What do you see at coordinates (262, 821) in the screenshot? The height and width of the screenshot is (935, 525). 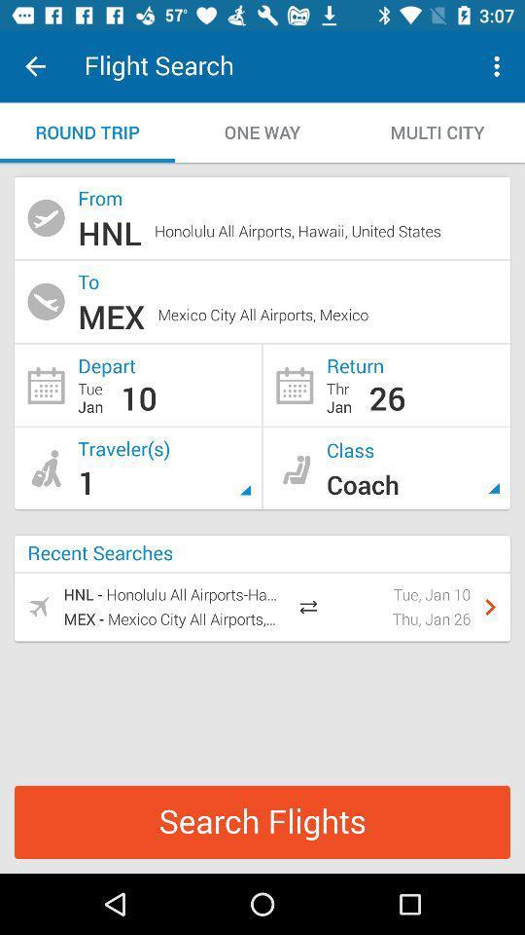 I see `the search flights icon` at bounding box center [262, 821].